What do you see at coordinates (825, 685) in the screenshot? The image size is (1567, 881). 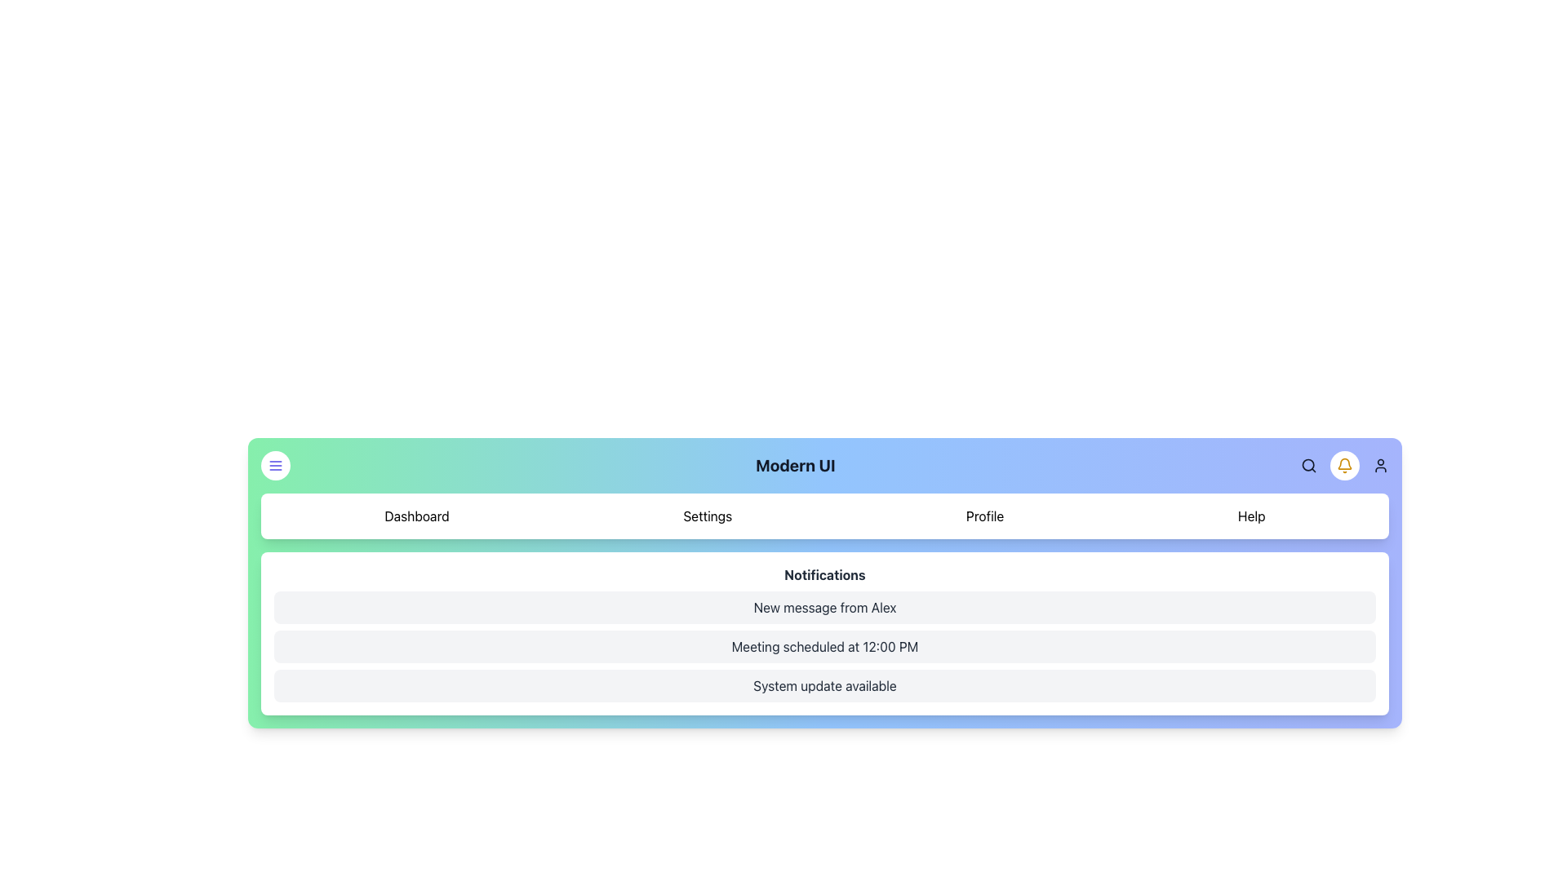 I see `the Text Display Box that displays 'System update available', which is the last notification in the list below 'Meeting scheduled at 12:00 PM'` at bounding box center [825, 685].